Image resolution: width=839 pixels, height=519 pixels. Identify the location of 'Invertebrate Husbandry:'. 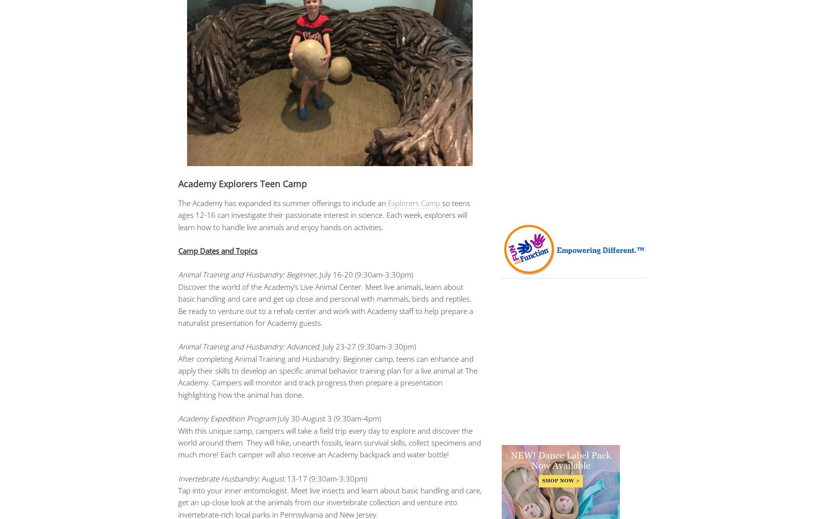
(219, 478).